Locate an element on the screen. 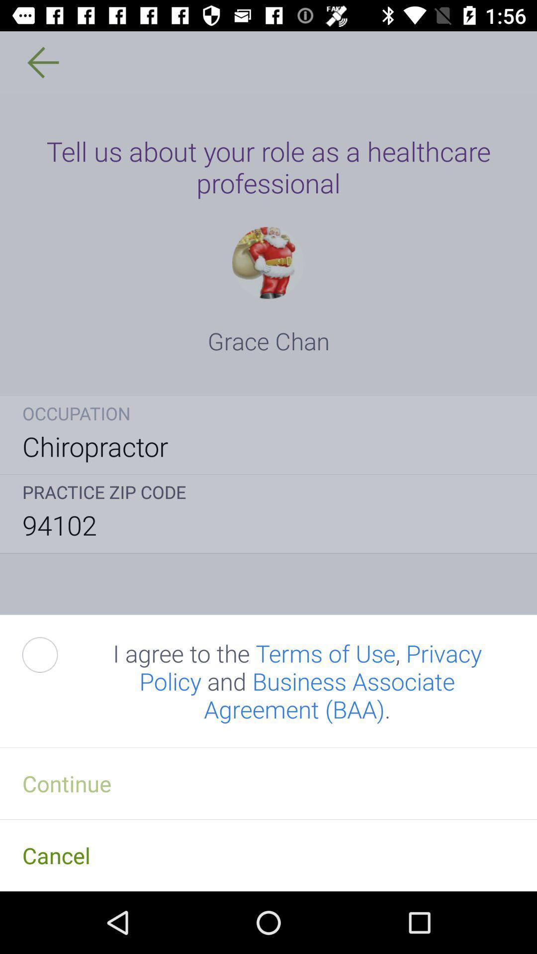  icon below the i agree to is located at coordinates (268, 783).